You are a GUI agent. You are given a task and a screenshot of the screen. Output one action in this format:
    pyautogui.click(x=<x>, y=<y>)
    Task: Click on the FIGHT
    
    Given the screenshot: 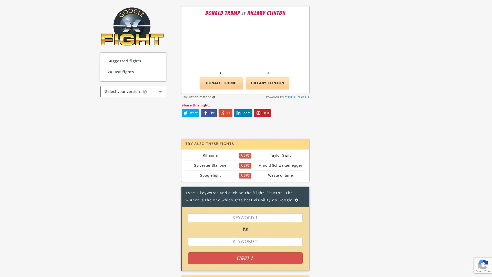 What is the action you would take?
    pyautogui.click(x=245, y=165)
    